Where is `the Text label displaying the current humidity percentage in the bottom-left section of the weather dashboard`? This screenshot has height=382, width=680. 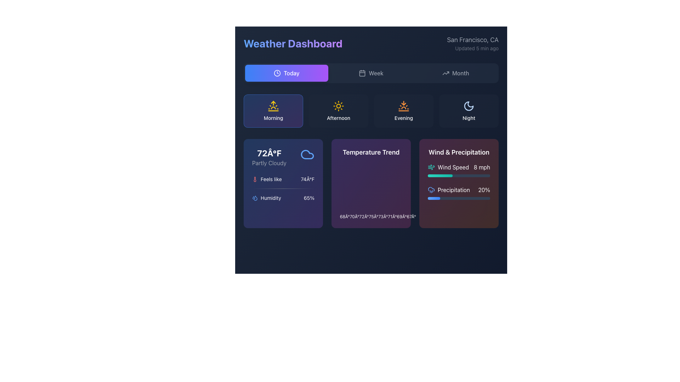 the Text label displaying the current humidity percentage in the bottom-left section of the weather dashboard is located at coordinates (309, 198).